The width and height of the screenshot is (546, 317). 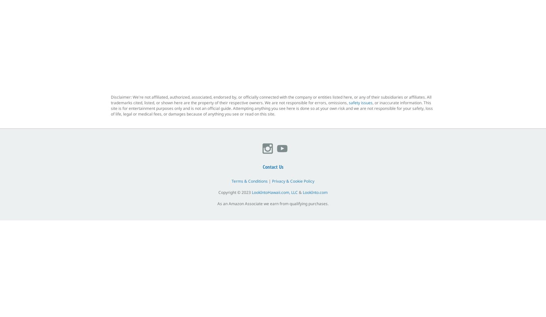 I want to click on 'LookIntoHawaii.com, LLC', so click(x=275, y=192).